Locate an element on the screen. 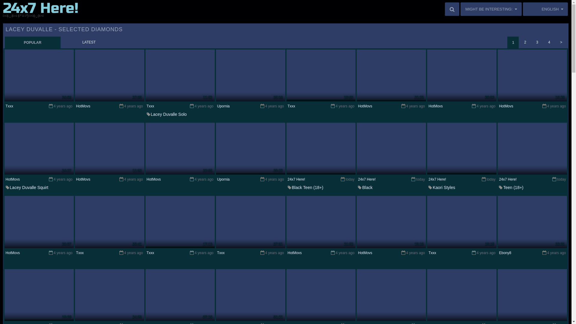 Image resolution: width=576 pixels, height=324 pixels. '4' is located at coordinates (549, 42).